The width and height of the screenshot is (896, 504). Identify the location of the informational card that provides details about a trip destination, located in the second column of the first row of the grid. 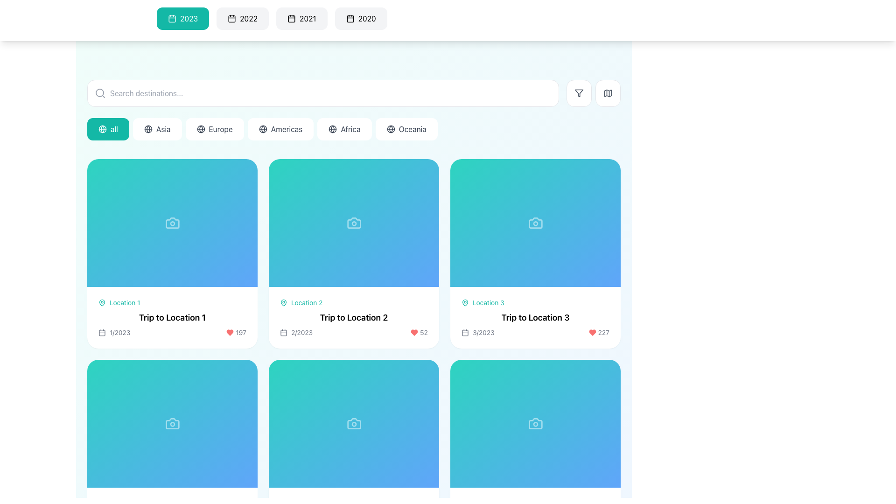
(353, 317).